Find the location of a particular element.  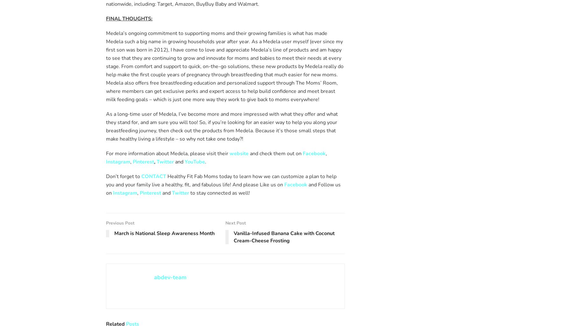

'FINAL THOUGHTS:' is located at coordinates (129, 18).